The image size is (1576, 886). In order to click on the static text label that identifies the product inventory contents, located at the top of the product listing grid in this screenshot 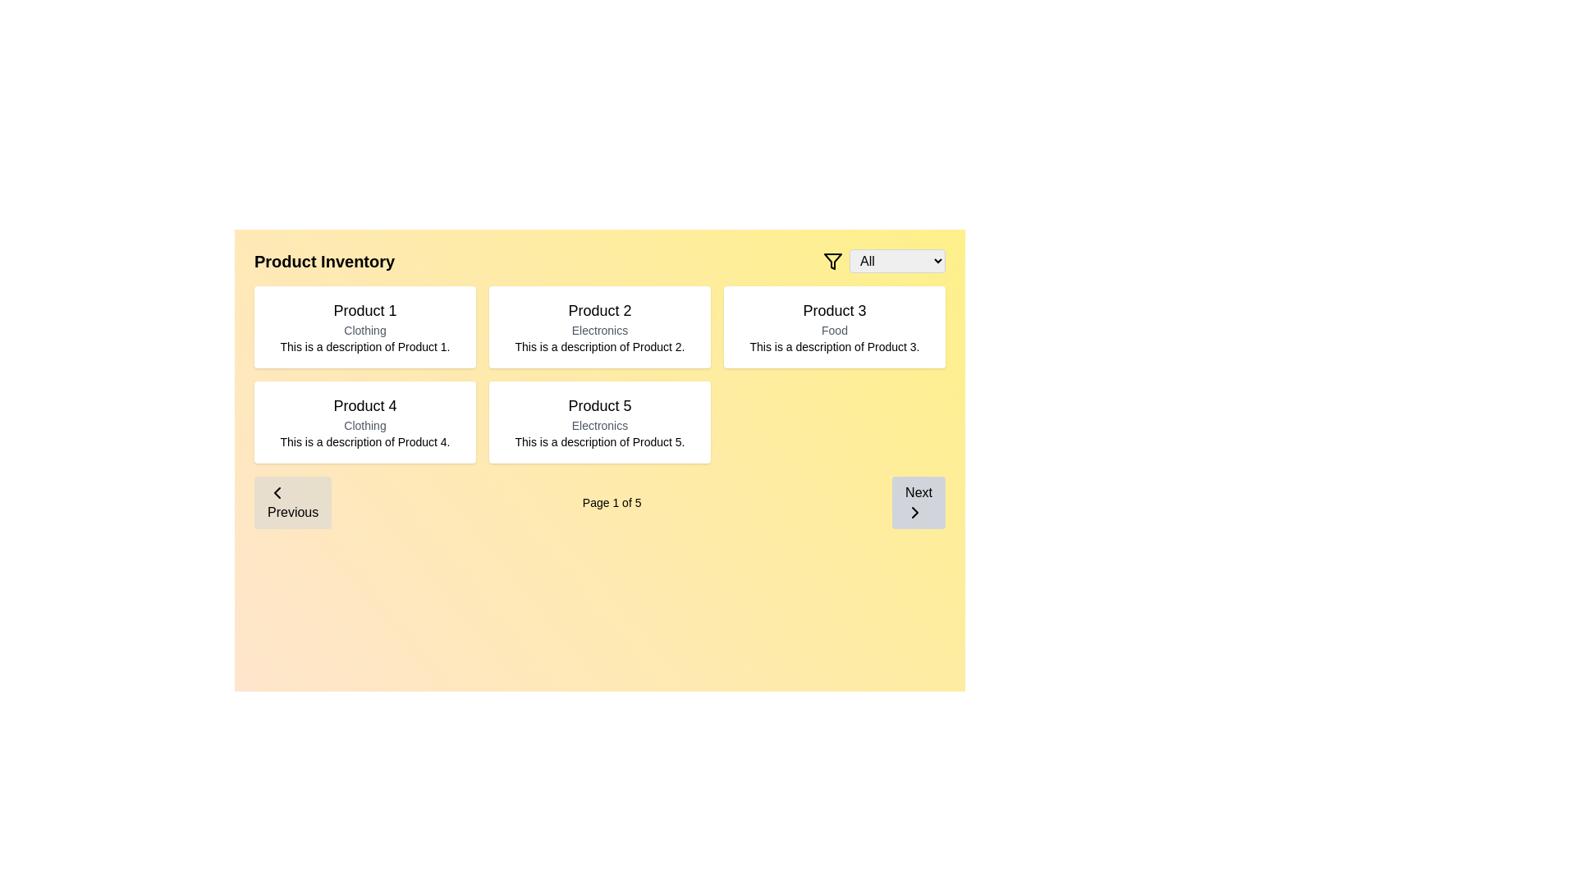, I will do `click(324, 260)`.